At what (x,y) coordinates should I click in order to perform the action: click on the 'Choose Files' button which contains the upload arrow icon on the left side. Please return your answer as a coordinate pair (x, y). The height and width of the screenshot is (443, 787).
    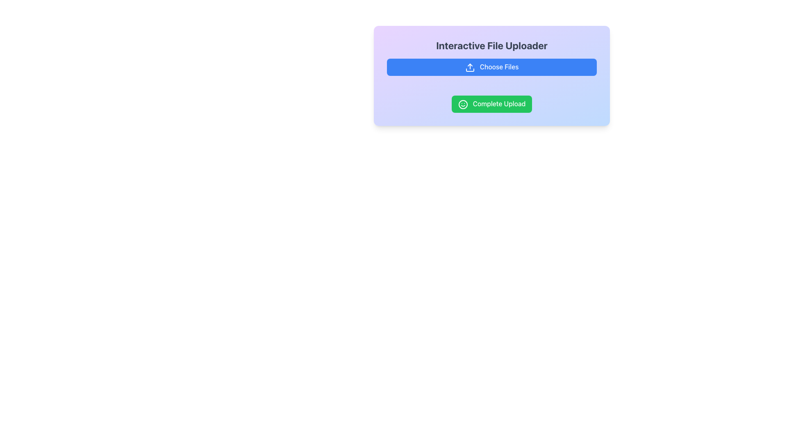
    Looking at the image, I should click on (470, 67).